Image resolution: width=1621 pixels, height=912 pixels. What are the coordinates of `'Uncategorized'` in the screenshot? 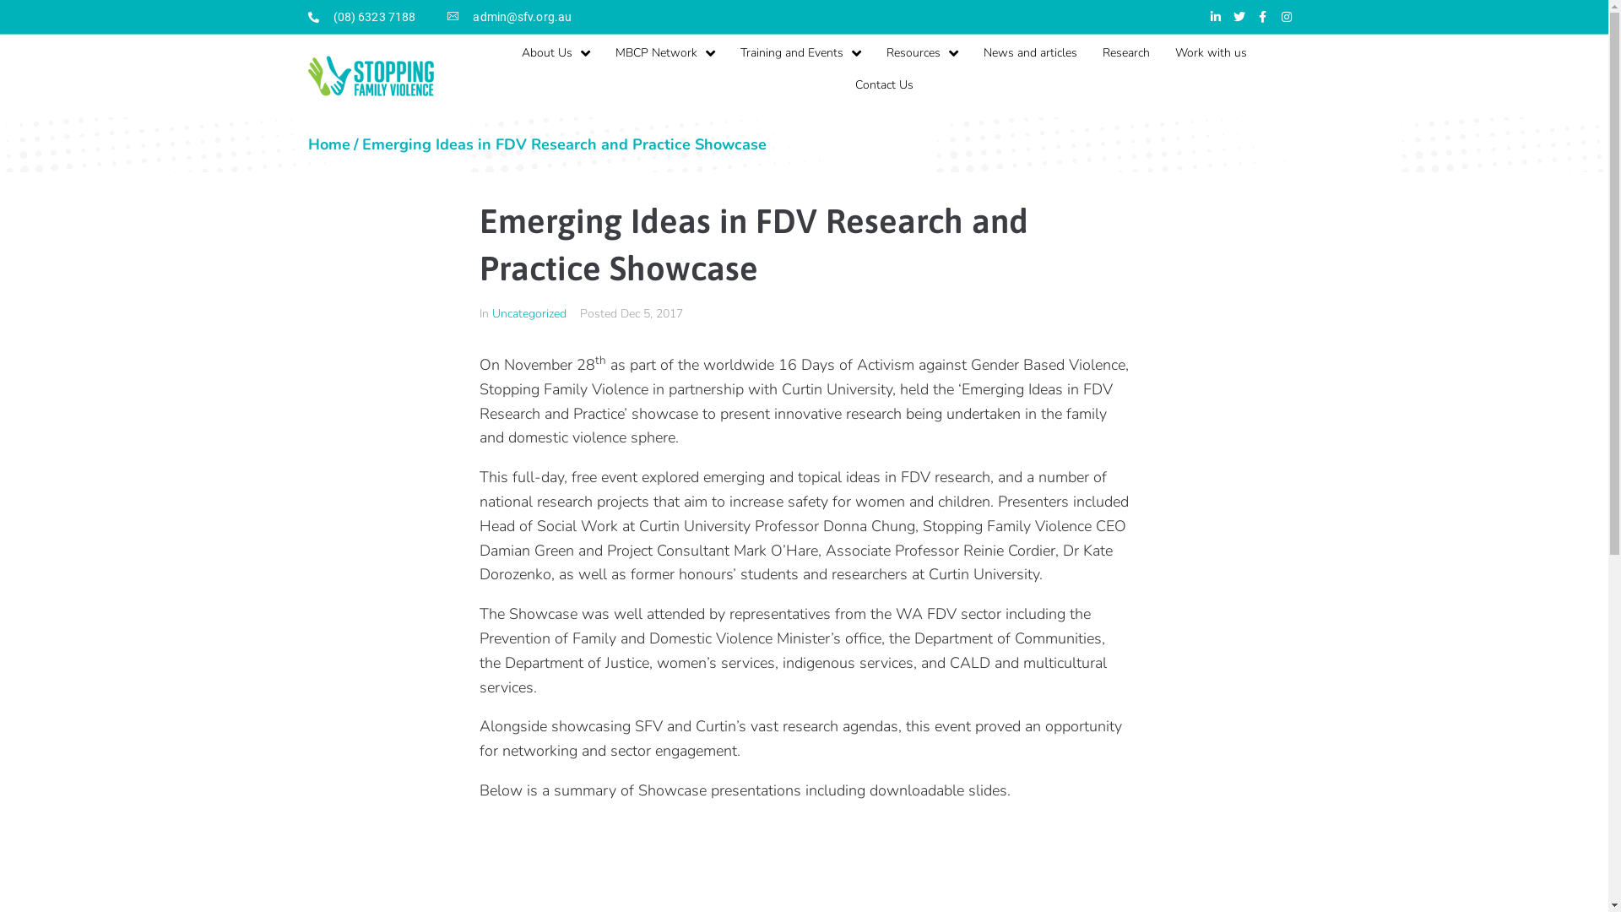 It's located at (490, 313).